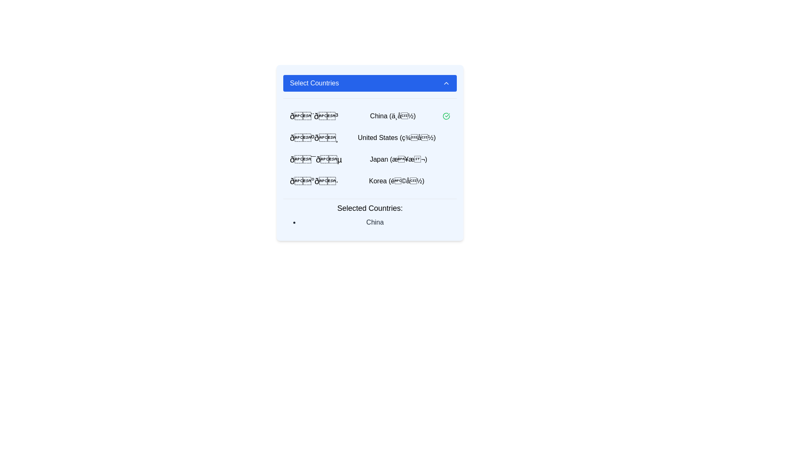  Describe the element at coordinates (446, 83) in the screenshot. I see `the chevron-up icon located at the far right end of the 'Select Countries' button bar to potentially reveal a tooltip or highlight it` at that location.